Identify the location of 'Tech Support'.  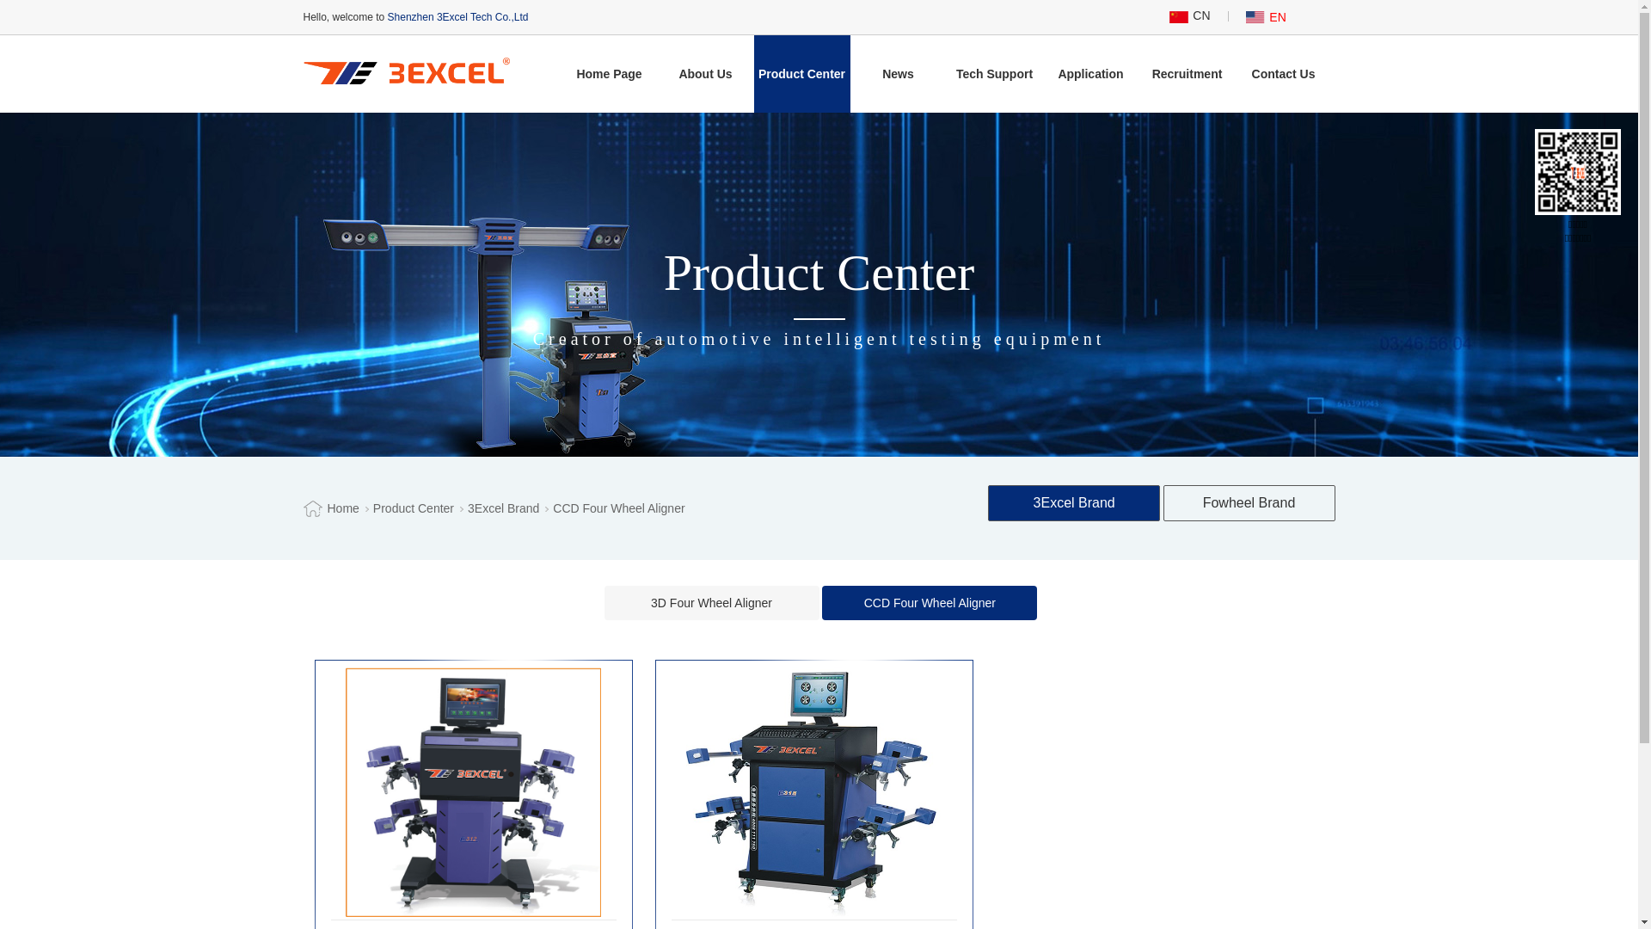
(994, 72).